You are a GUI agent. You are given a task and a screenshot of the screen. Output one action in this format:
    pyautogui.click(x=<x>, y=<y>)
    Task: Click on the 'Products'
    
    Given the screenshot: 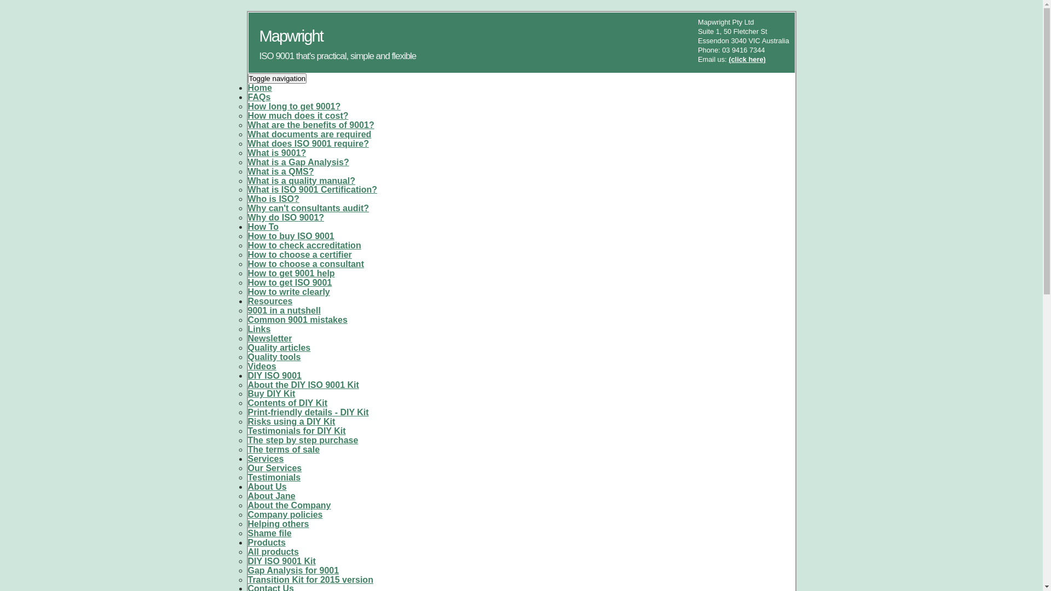 What is the action you would take?
    pyautogui.click(x=266, y=542)
    